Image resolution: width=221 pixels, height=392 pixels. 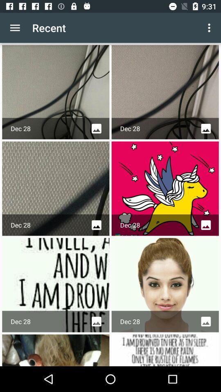 What do you see at coordinates (210, 28) in the screenshot?
I see `the app to the right of recent` at bounding box center [210, 28].